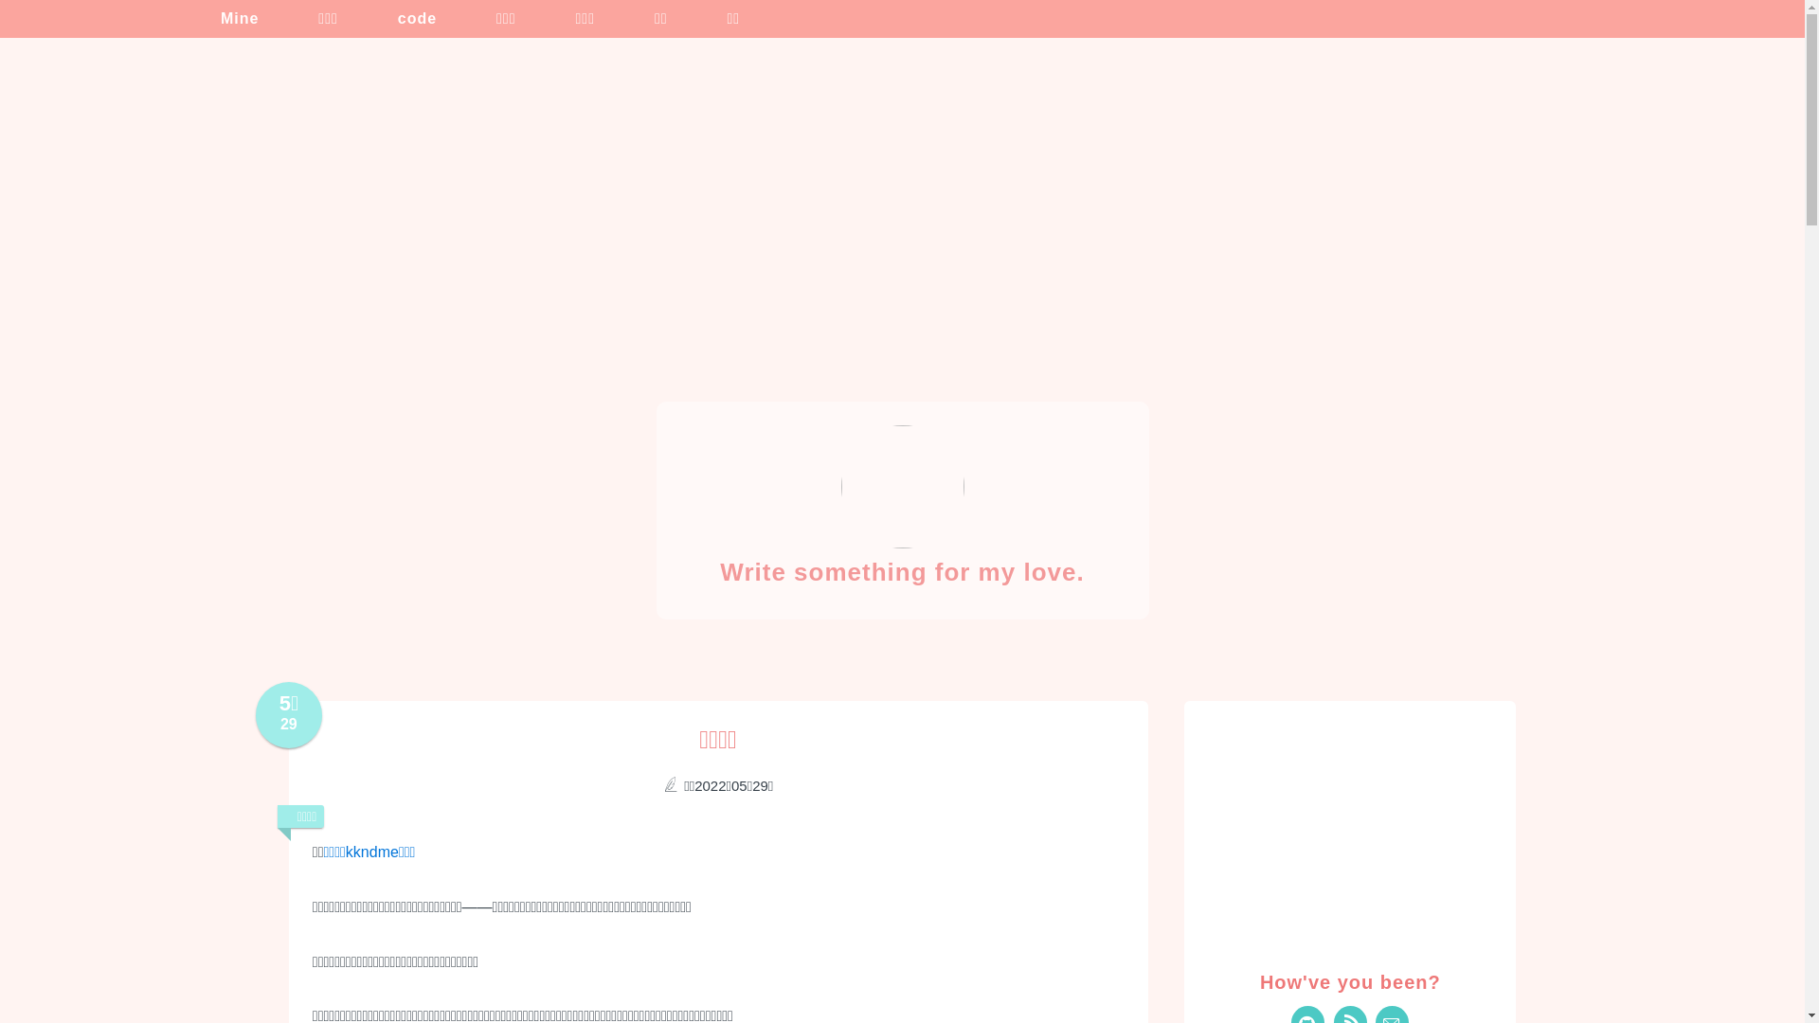 This screenshot has width=1819, height=1023. What do you see at coordinates (226, 18) in the screenshot?
I see `'Mine'` at bounding box center [226, 18].